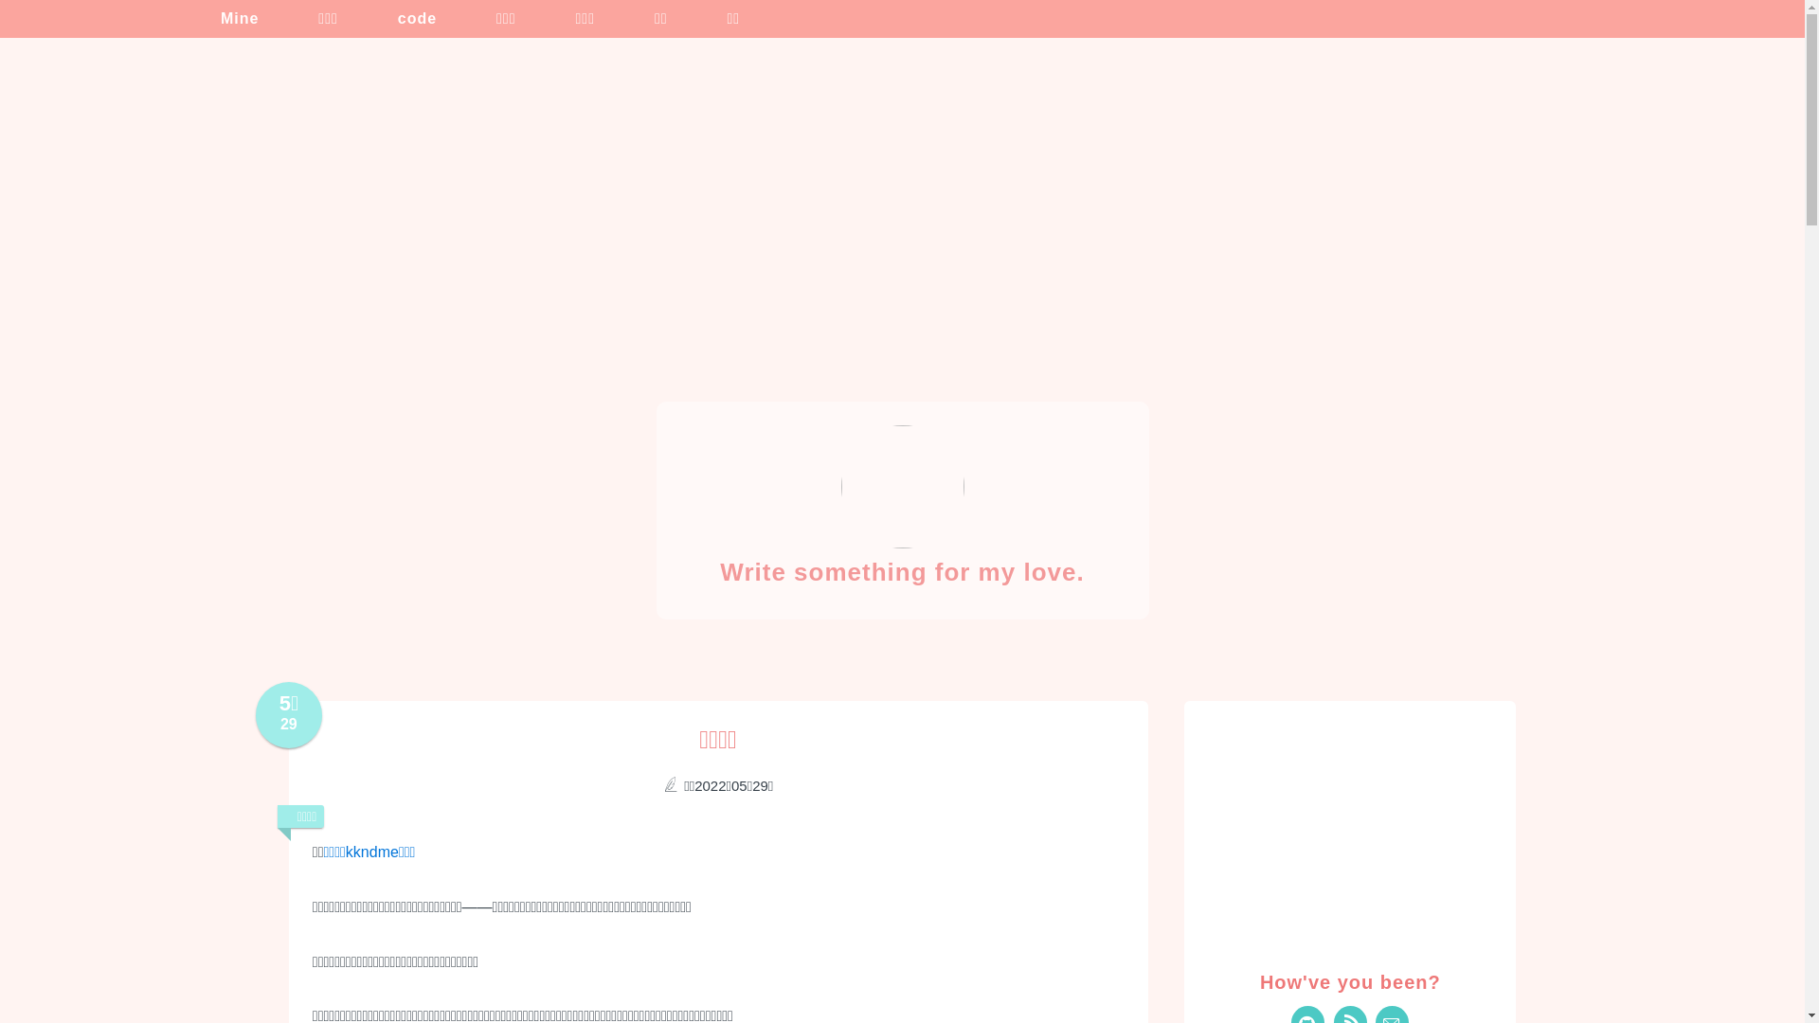 This screenshot has width=1819, height=1023. What do you see at coordinates (226, 18) in the screenshot?
I see `'Mine'` at bounding box center [226, 18].